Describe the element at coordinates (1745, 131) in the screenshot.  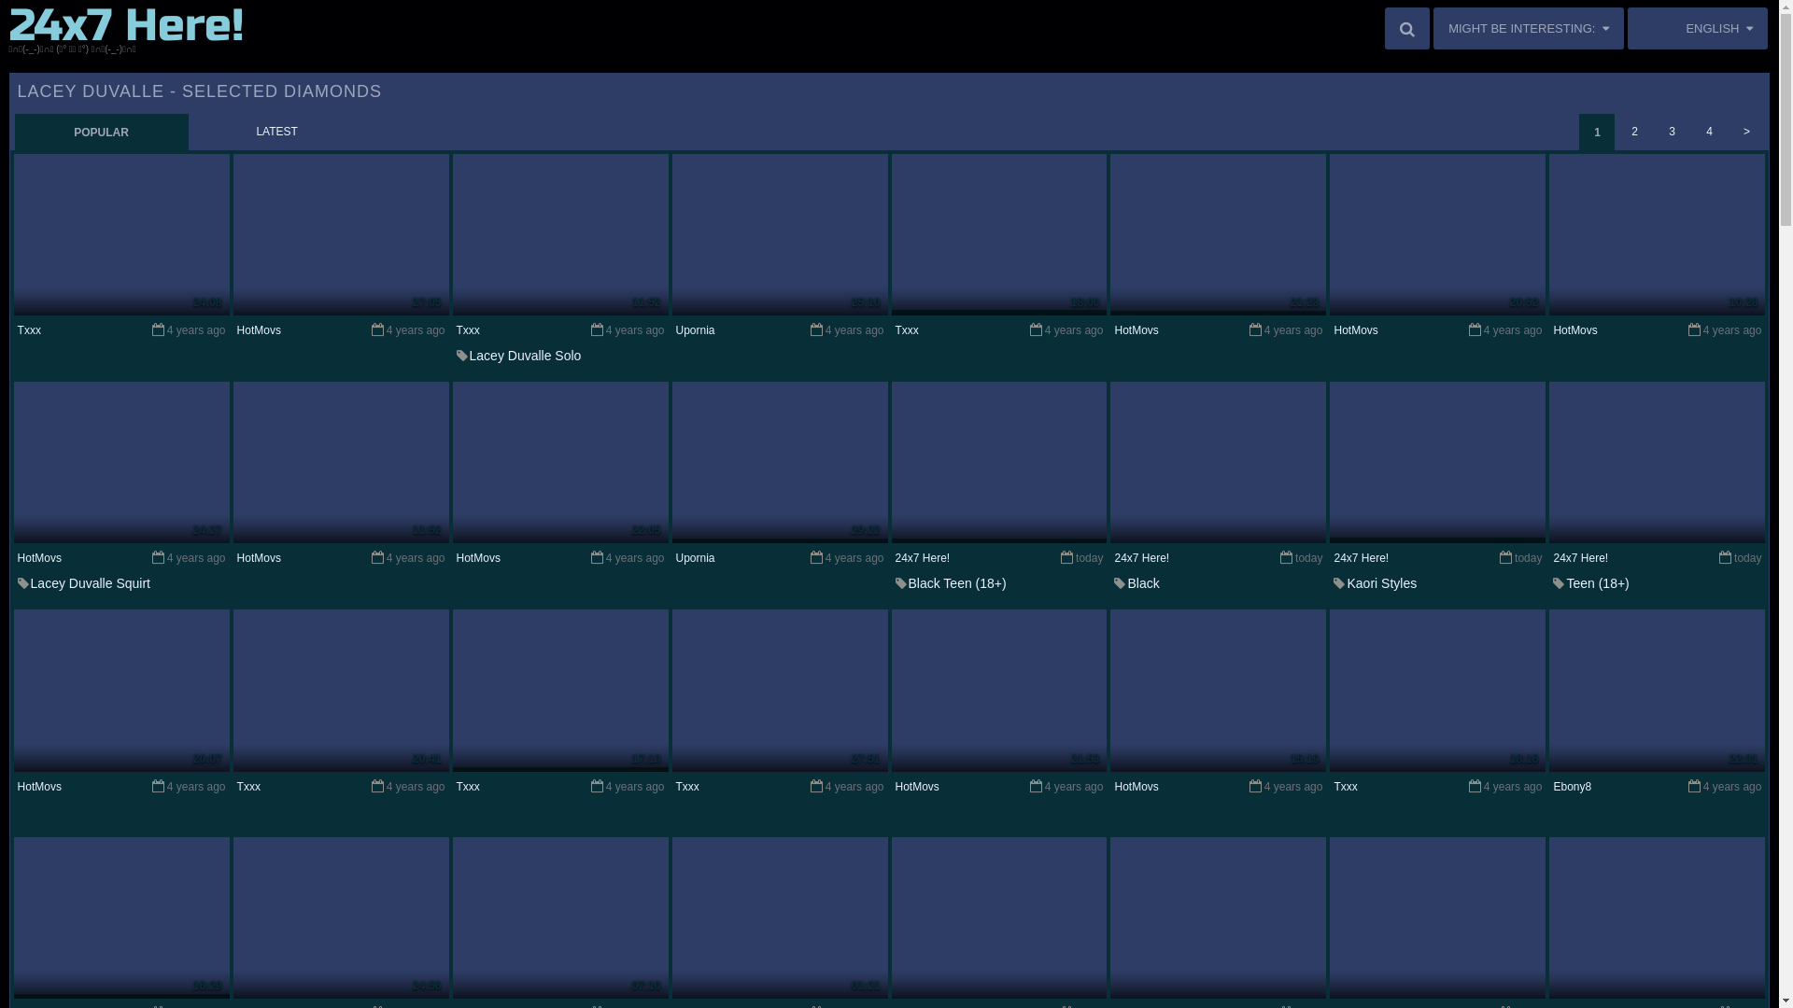
I see `'>'` at that location.